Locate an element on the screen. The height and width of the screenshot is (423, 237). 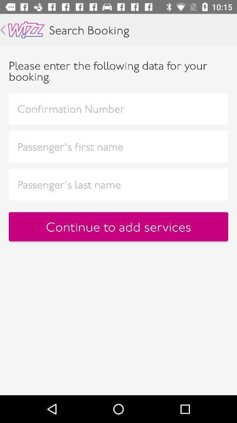
go home is located at coordinates (26, 30).